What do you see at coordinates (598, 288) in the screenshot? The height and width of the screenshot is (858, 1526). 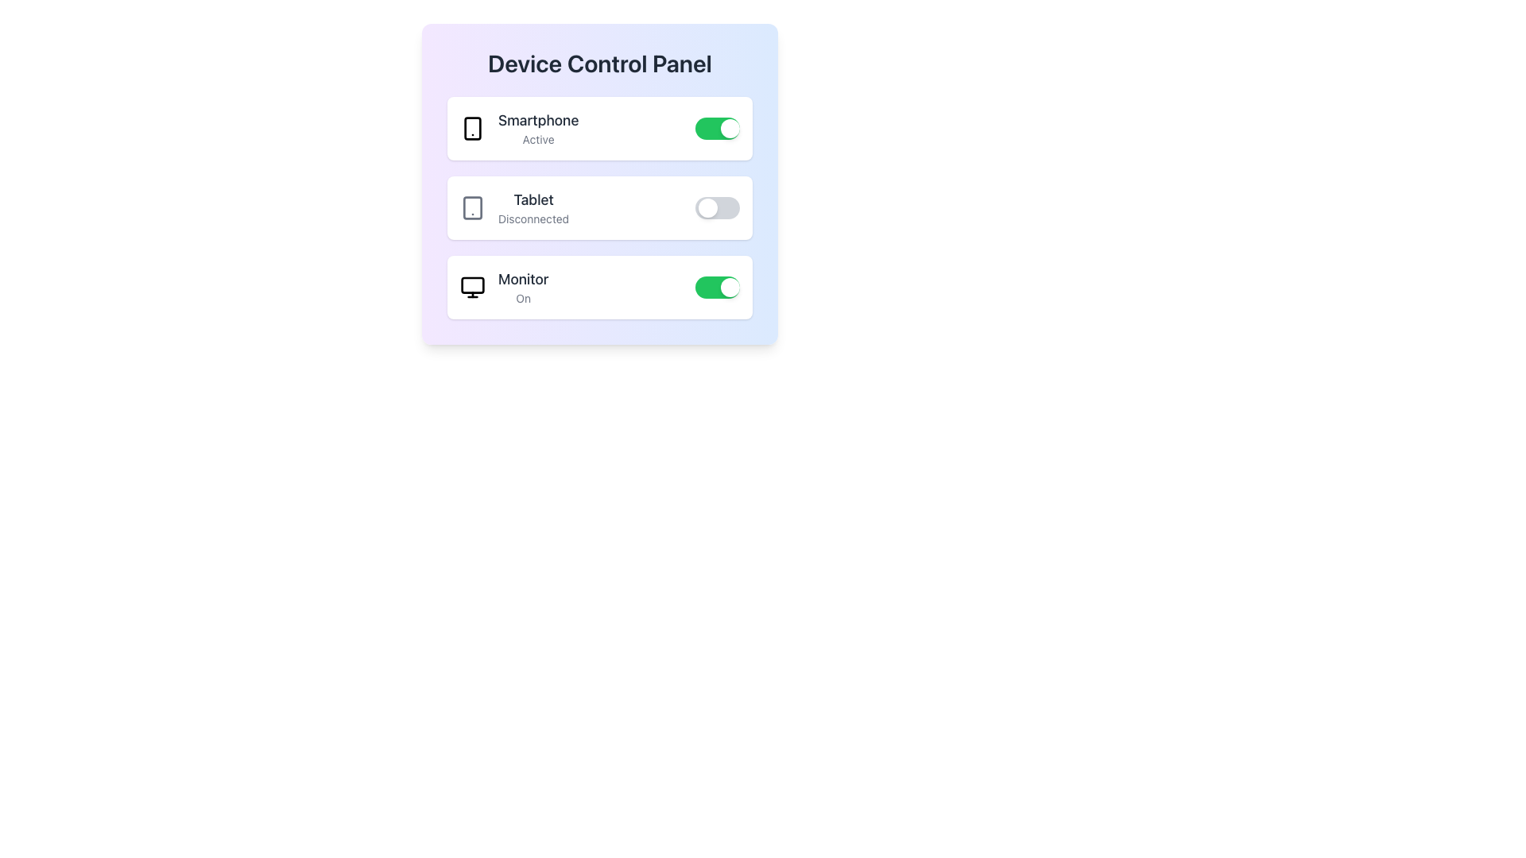 I see `the green toggle switch in the 'Device Control Panel' section to change its state from 'On' to 'Off'` at bounding box center [598, 288].